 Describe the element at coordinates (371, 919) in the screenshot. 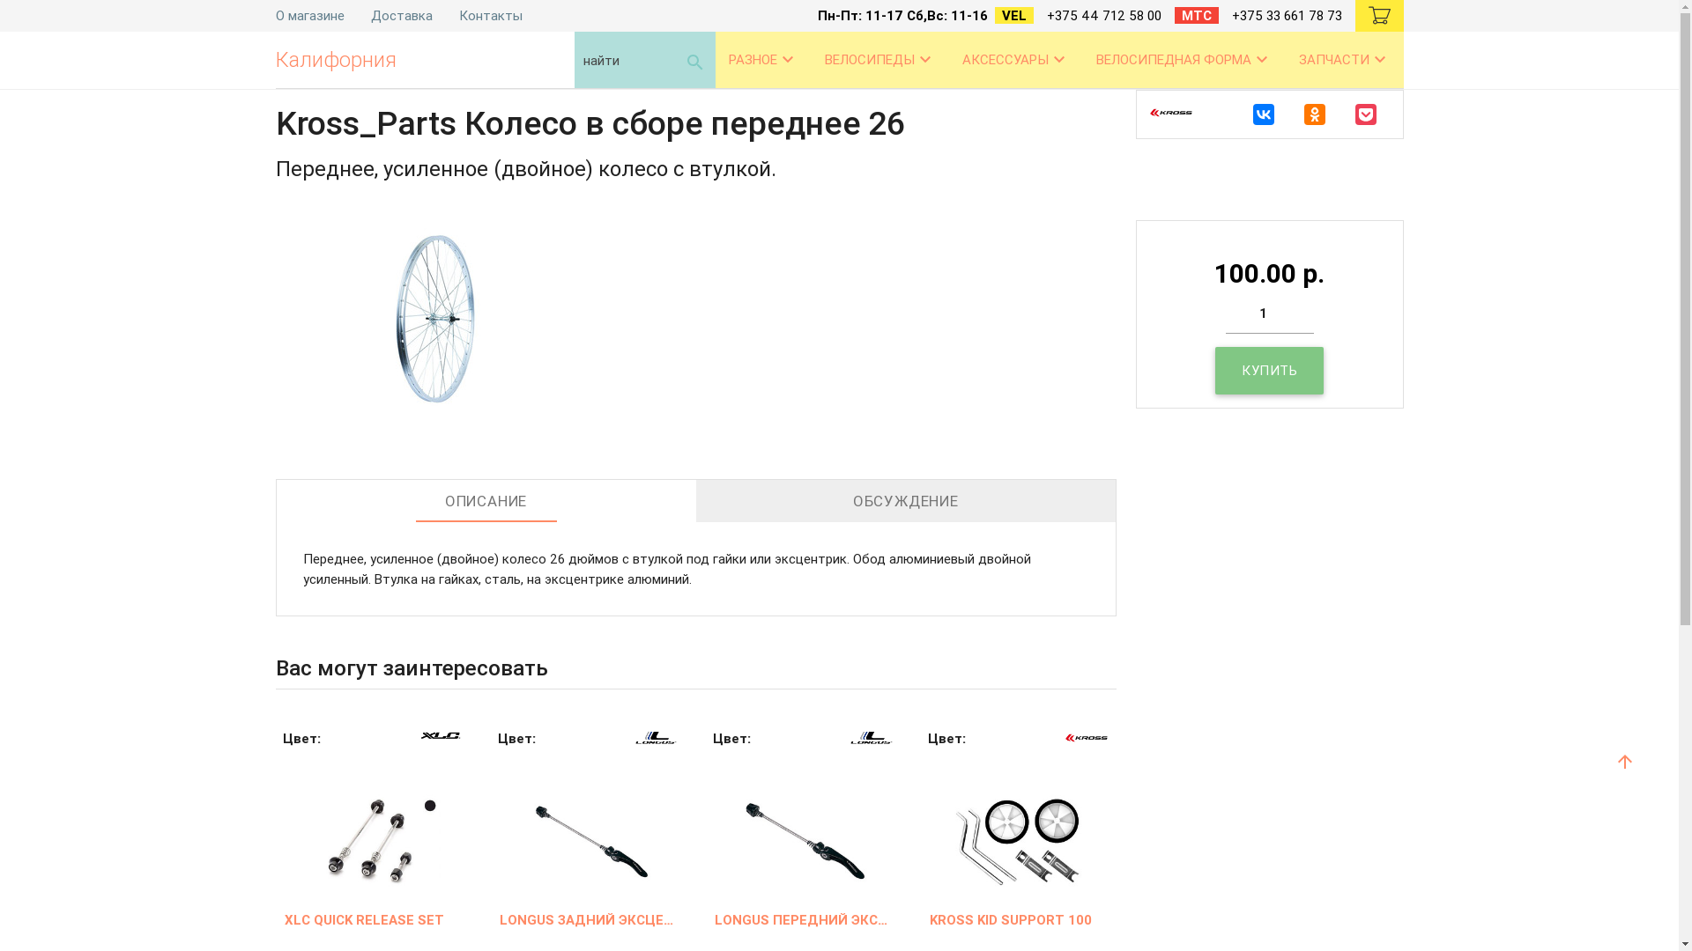

I see `'XLC QUICK RELEASE SET'` at that location.